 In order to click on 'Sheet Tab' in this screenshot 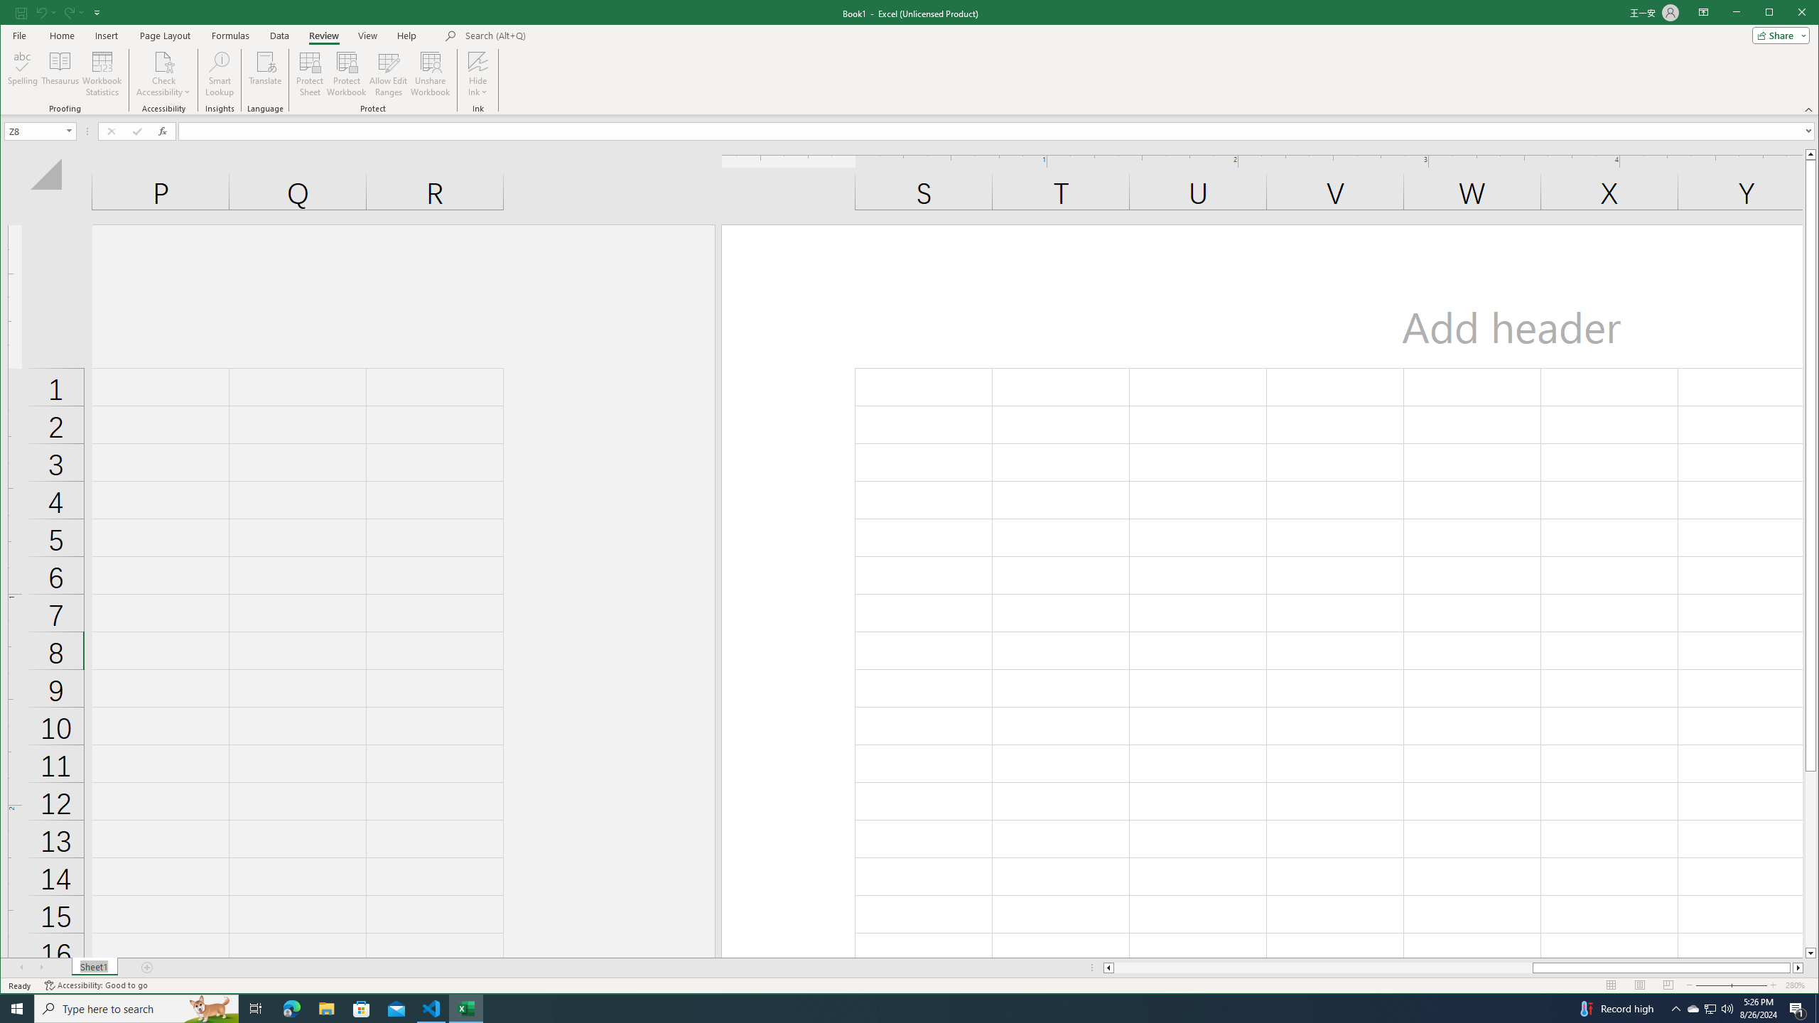, I will do `click(95, 968)`.